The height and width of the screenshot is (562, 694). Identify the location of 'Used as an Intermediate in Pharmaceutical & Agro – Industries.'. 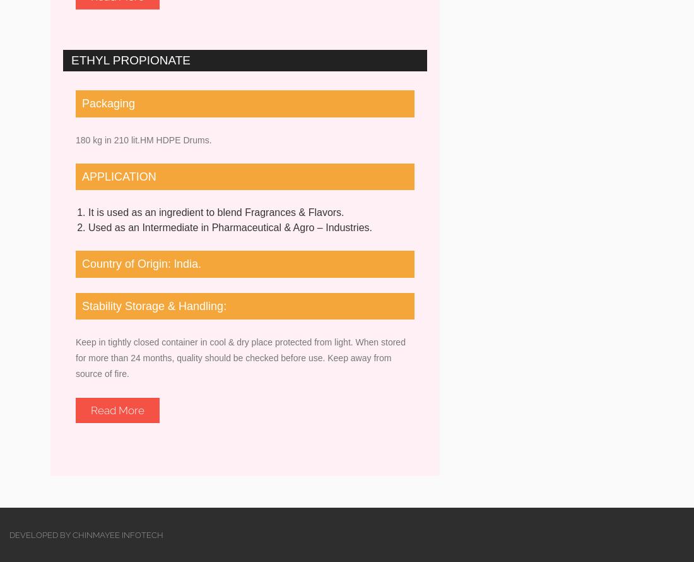
(230, 227).